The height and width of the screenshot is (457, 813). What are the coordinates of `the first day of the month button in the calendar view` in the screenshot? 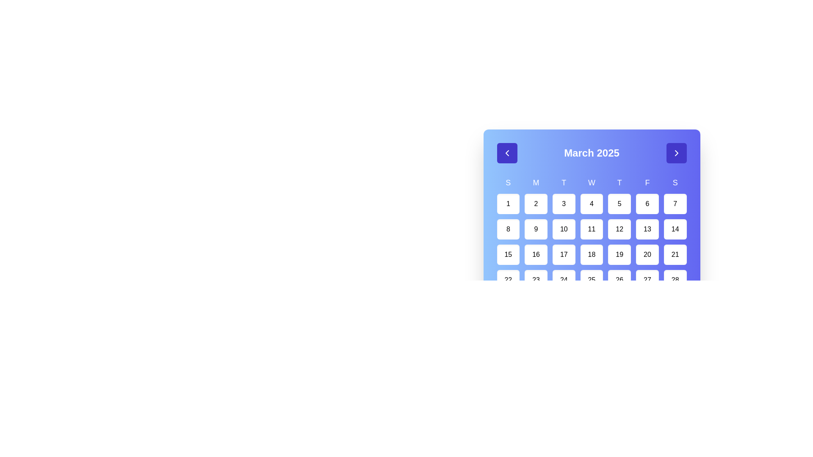 It's located at (508, 204).